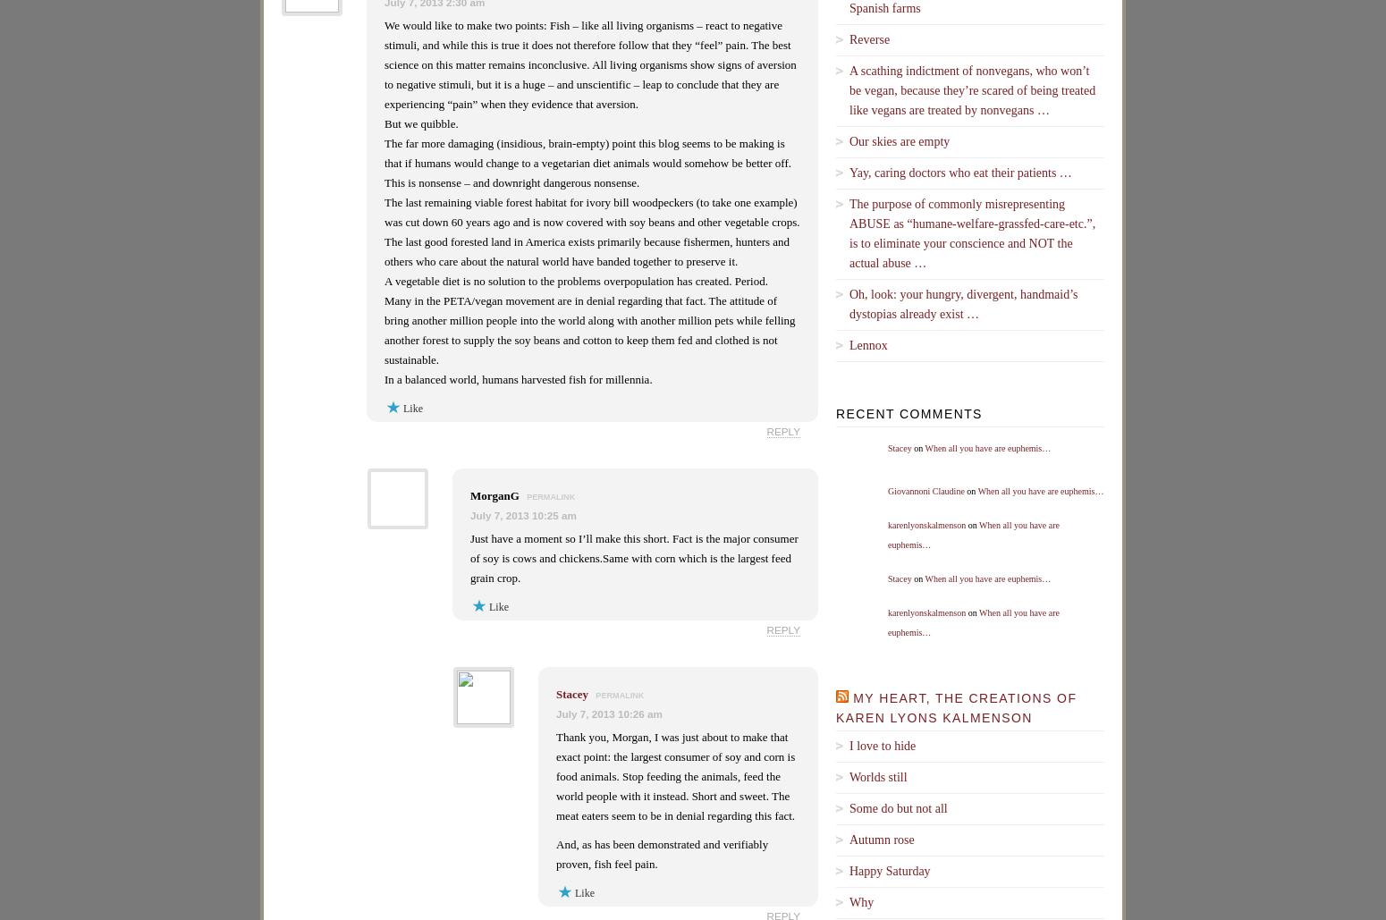 The width and height of the screenshot is (1386, 920). What do you see at coordinates (860, 900) in the screenshot?
I see `'Why'` at bounding box center [860, 900].